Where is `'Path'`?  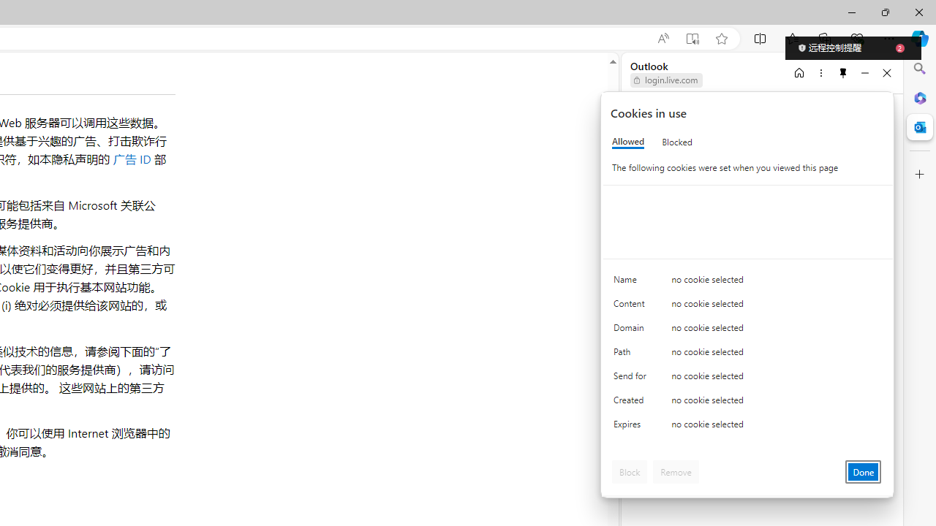
'Path' is located at coordinates (633, 355).